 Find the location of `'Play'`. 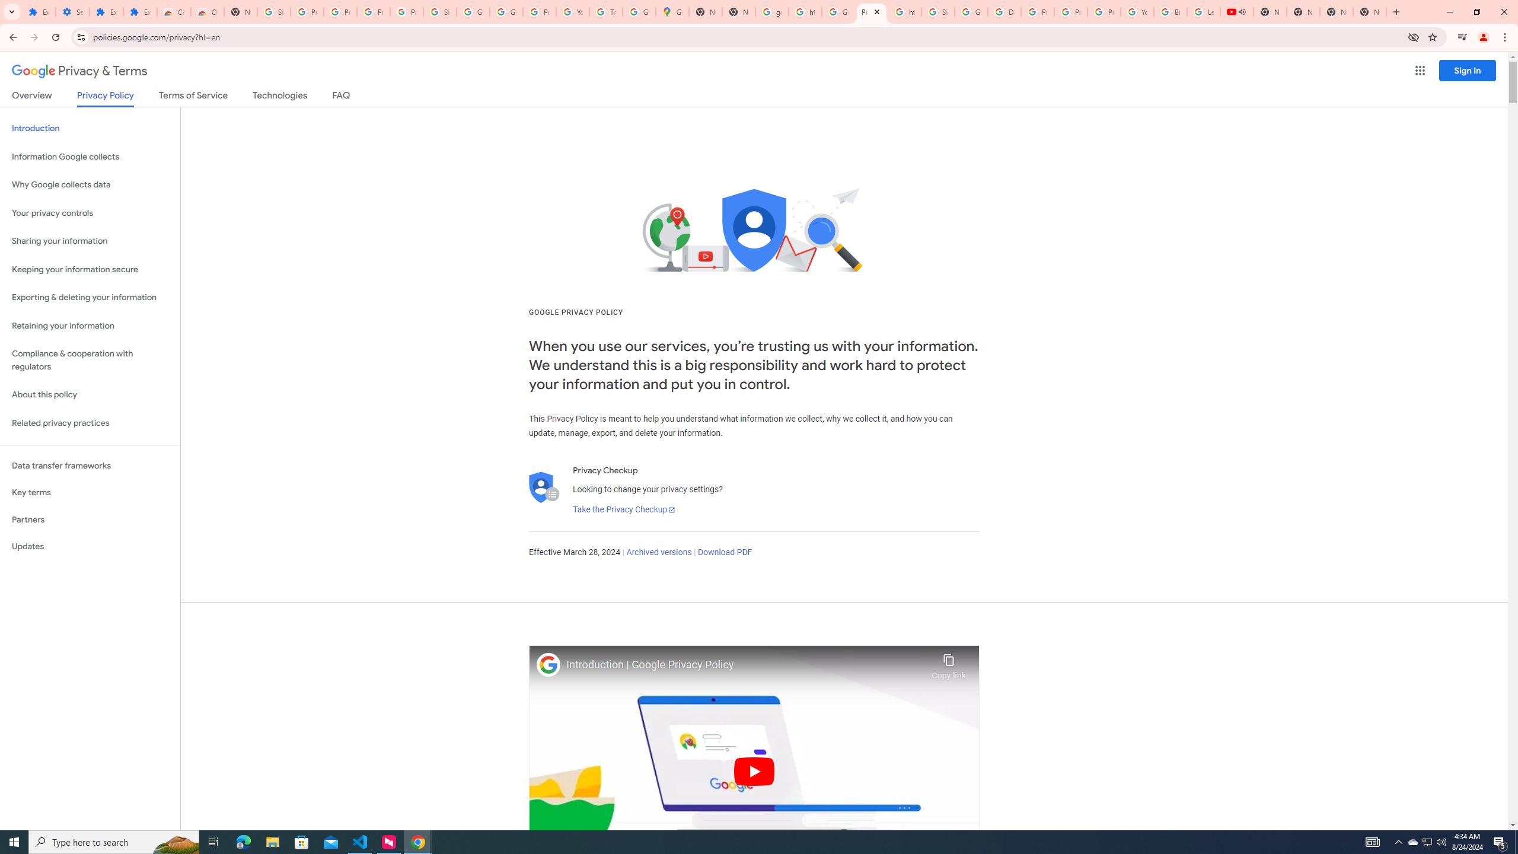

'Play' is located at coordinates (754, 770).